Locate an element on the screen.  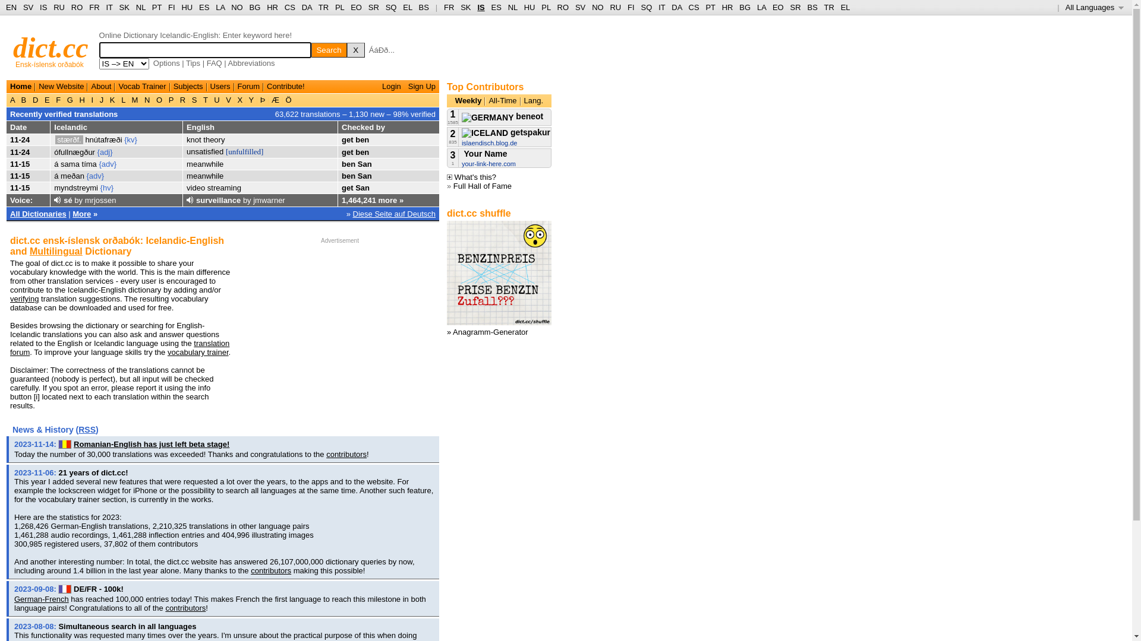
'get' is located at coordinates (347, 187).